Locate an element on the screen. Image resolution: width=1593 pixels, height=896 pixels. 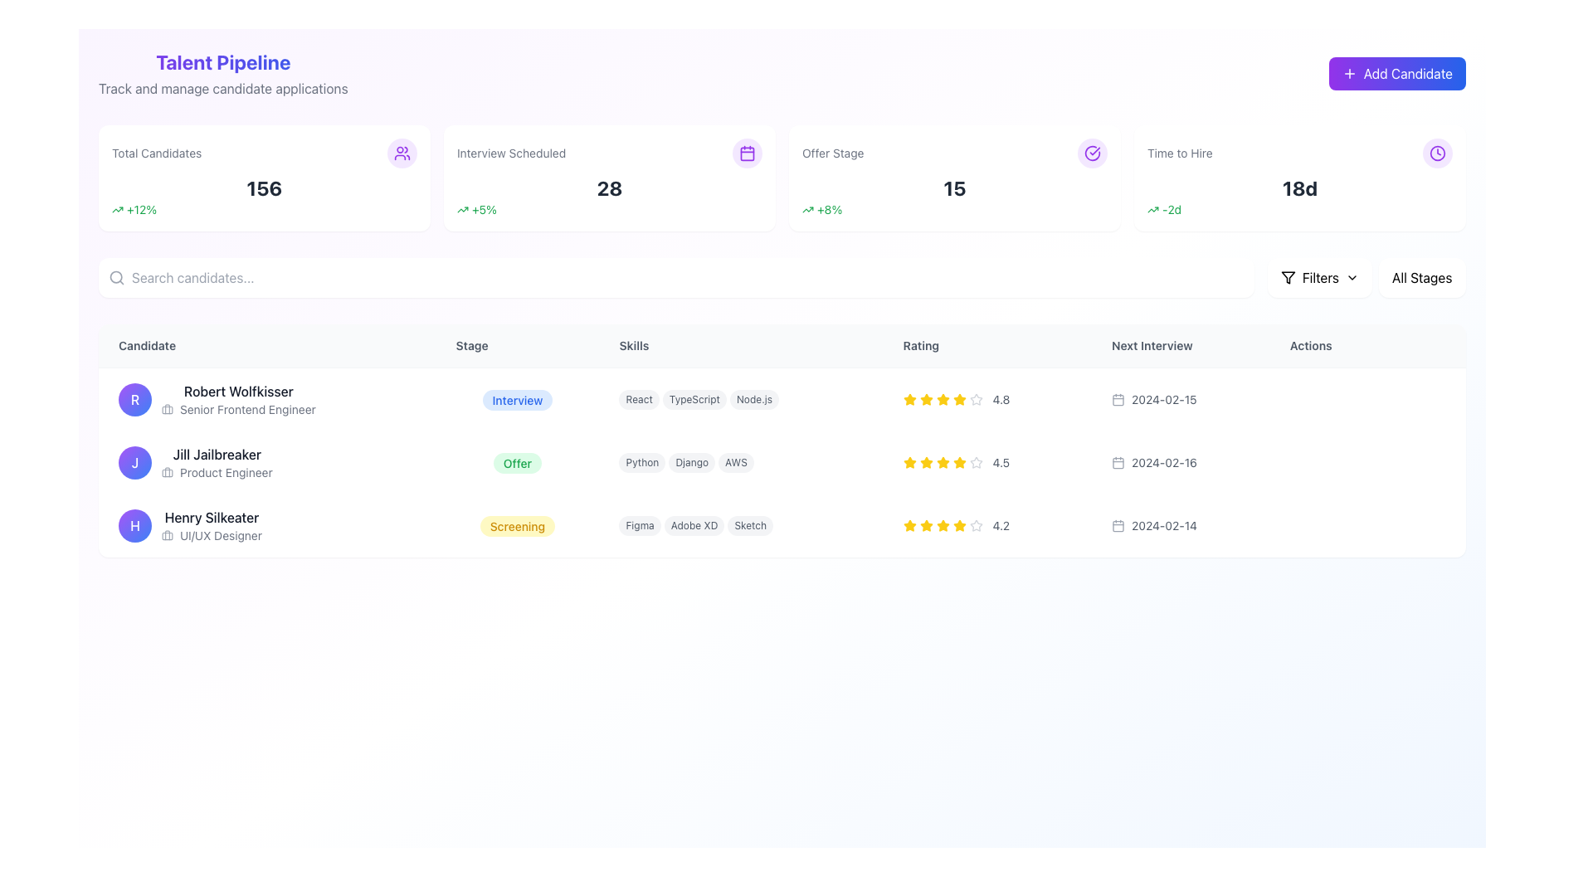
the Text with icon element displaying the date '2024-02-14' and a calendar icon, located in the 'Next Interview' column for 'Henry Silkeater' in the Talent Pipeline section is located at coordinates (1180, 525).